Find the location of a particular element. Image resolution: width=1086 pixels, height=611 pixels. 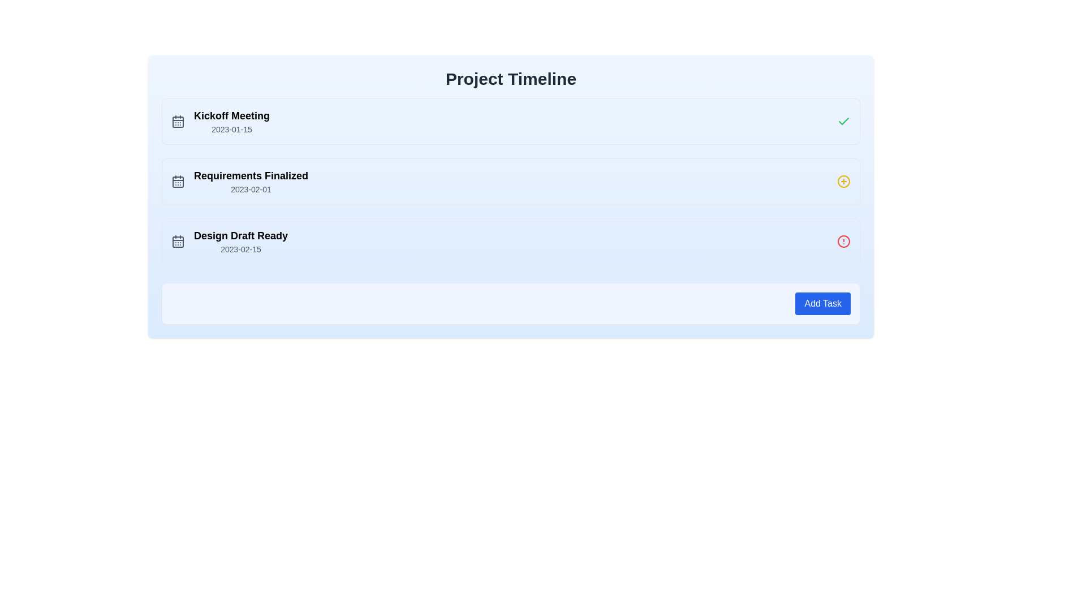

the text-based label 'Requirements Finalized' with the accompanying calendar icon, which is the second entry in the timeline interface is located at coordinates (239, 180).